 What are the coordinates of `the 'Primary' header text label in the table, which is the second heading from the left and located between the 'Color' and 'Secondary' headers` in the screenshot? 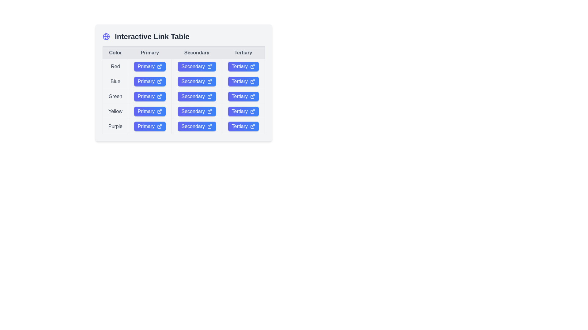 It's located at (150, 53).